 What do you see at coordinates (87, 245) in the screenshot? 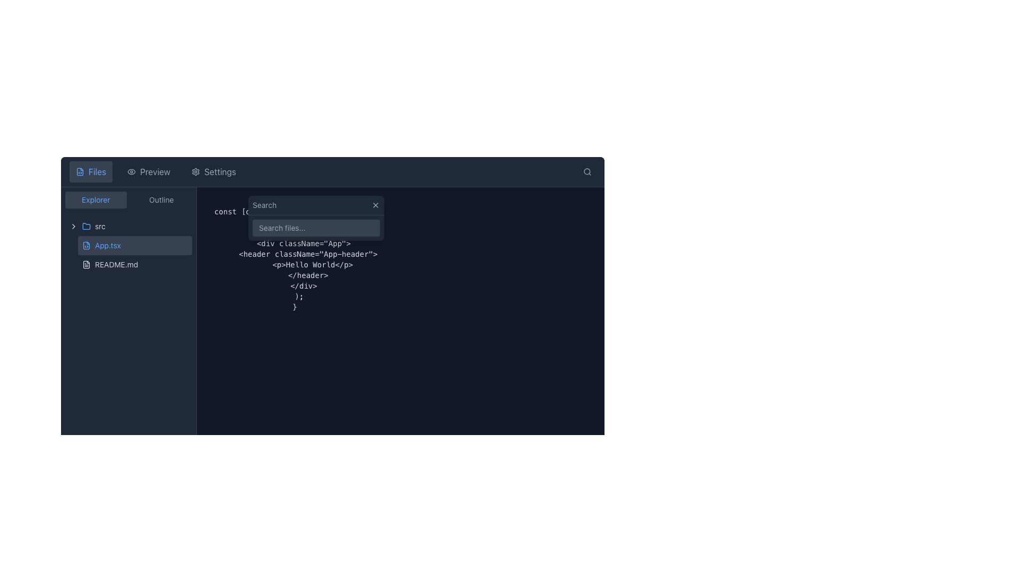
I see `the file icon representing code, located in the left panel labeled 'Explorer', adjacent to the text 'App.tsx'` at bounding box center [87, 245].